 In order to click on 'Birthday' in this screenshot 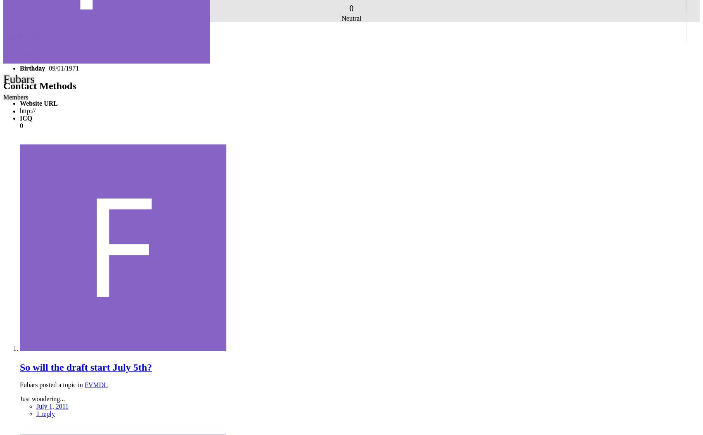, I will do `click(19, 68)`.